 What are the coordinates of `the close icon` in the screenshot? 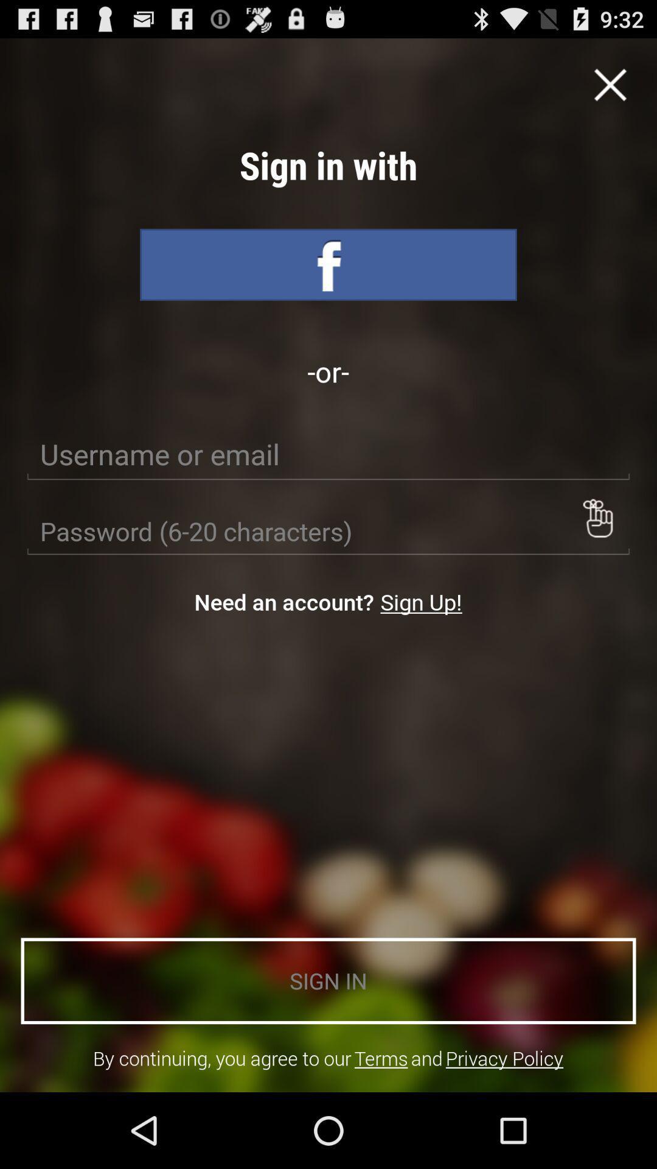 It's located at (610, 90).